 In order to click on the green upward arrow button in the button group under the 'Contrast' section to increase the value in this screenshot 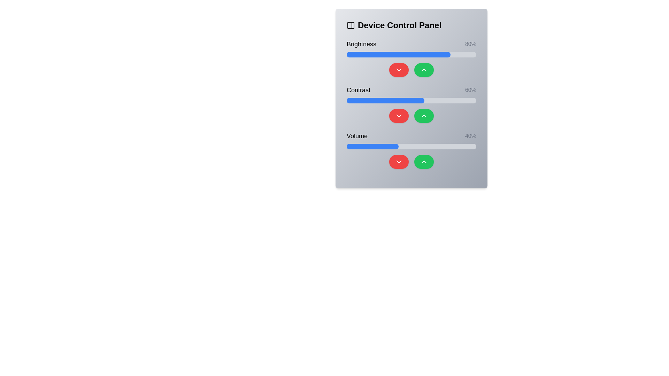, I will do `click(411, 115)`.